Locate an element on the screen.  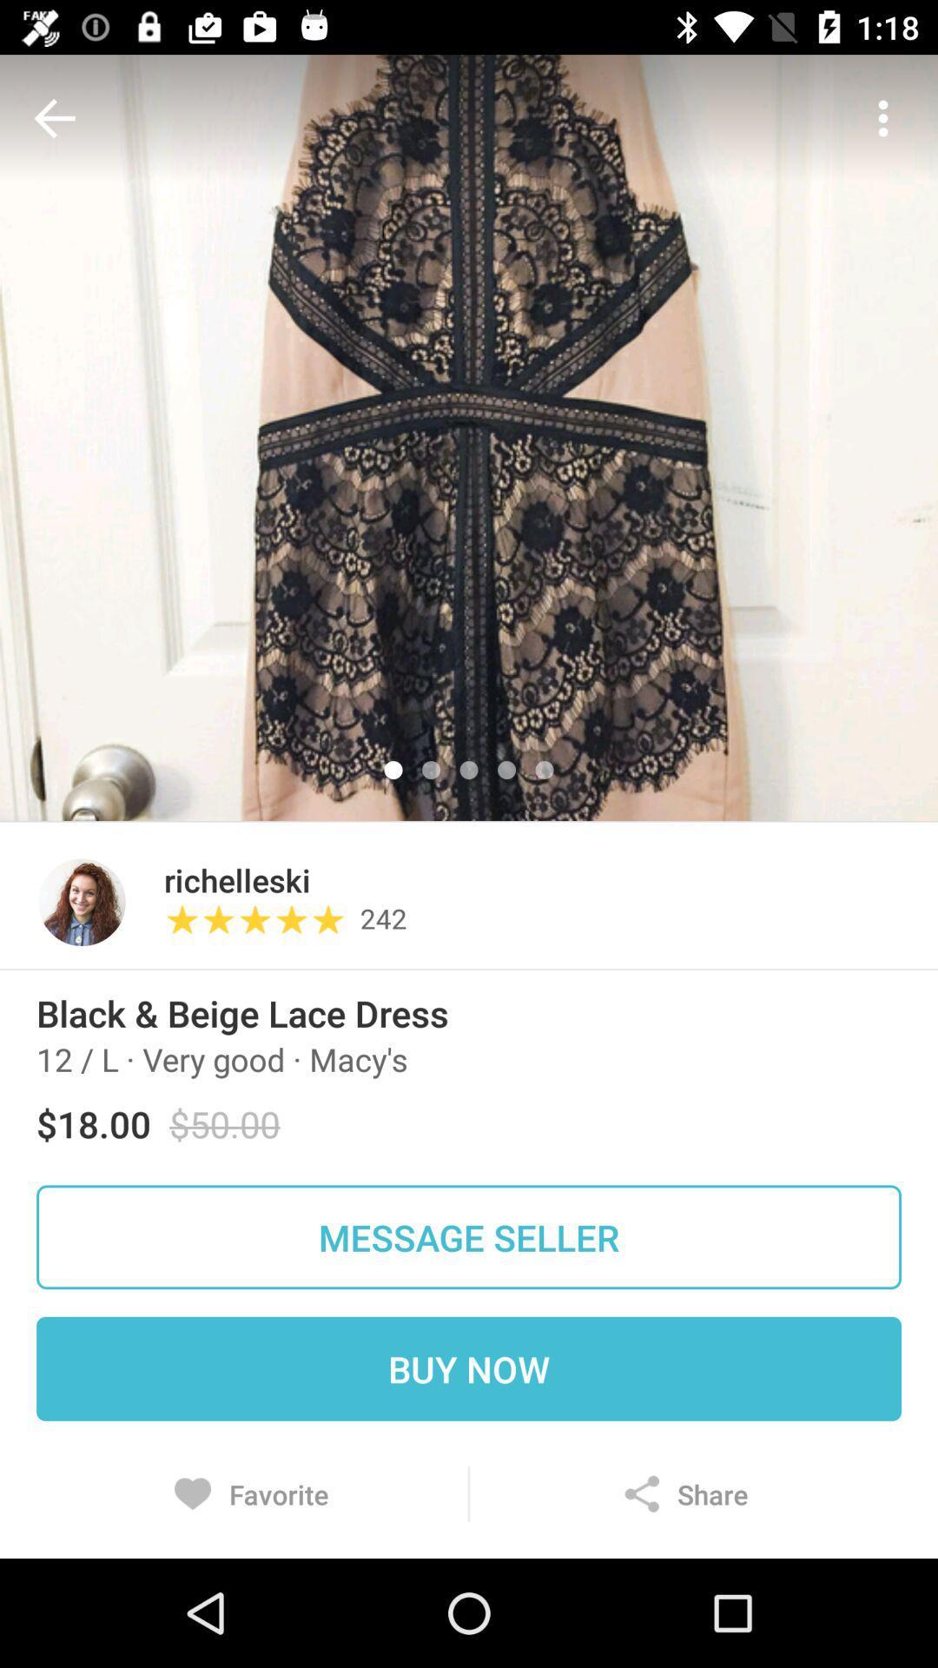
the item below black beige lace is located at coordinates (221, 1058).